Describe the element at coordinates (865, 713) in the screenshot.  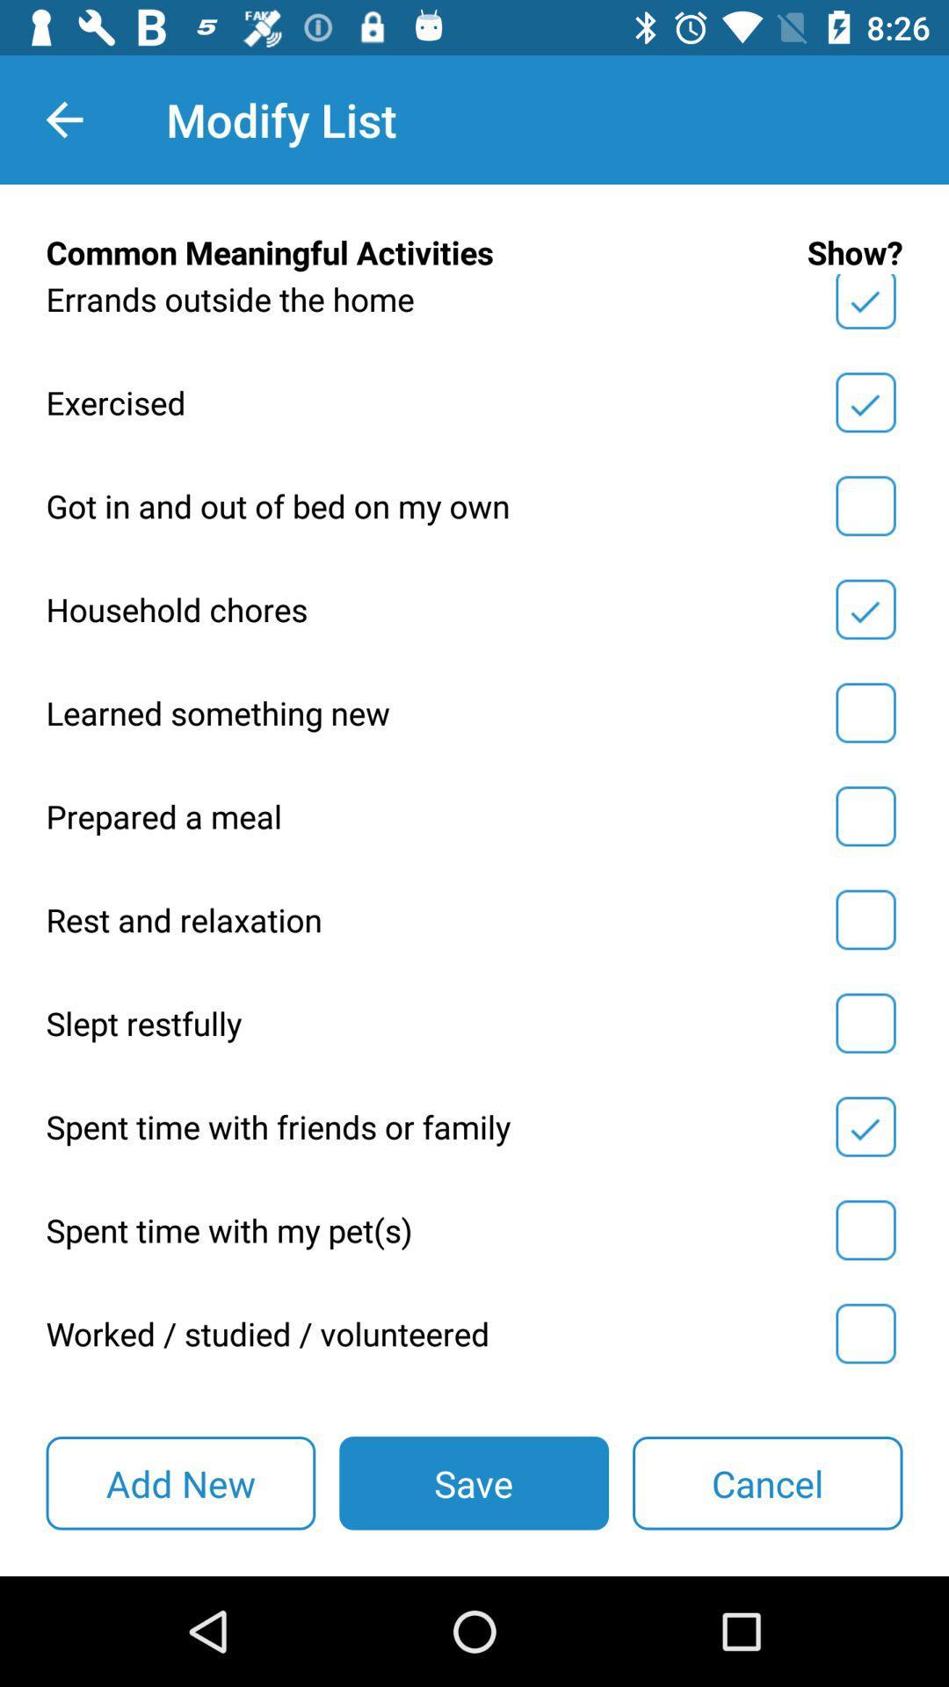
I see `checkbox` at that location.